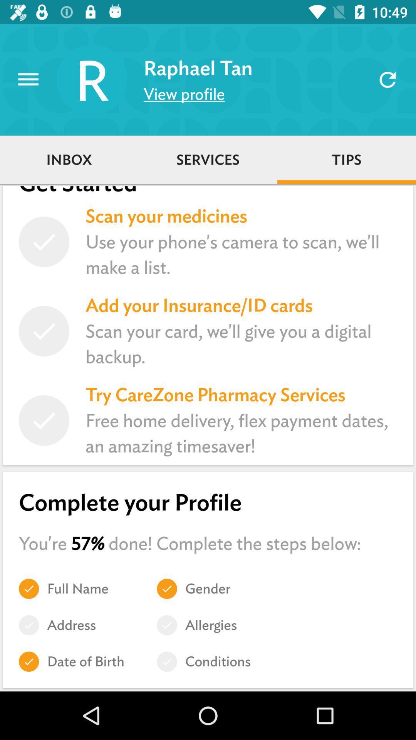 Image resolution: width=416 pixels, height=740 pixels. Describe the element at coordinates (387, 79) in the screenshot. I see `the refresh icon` at that location.